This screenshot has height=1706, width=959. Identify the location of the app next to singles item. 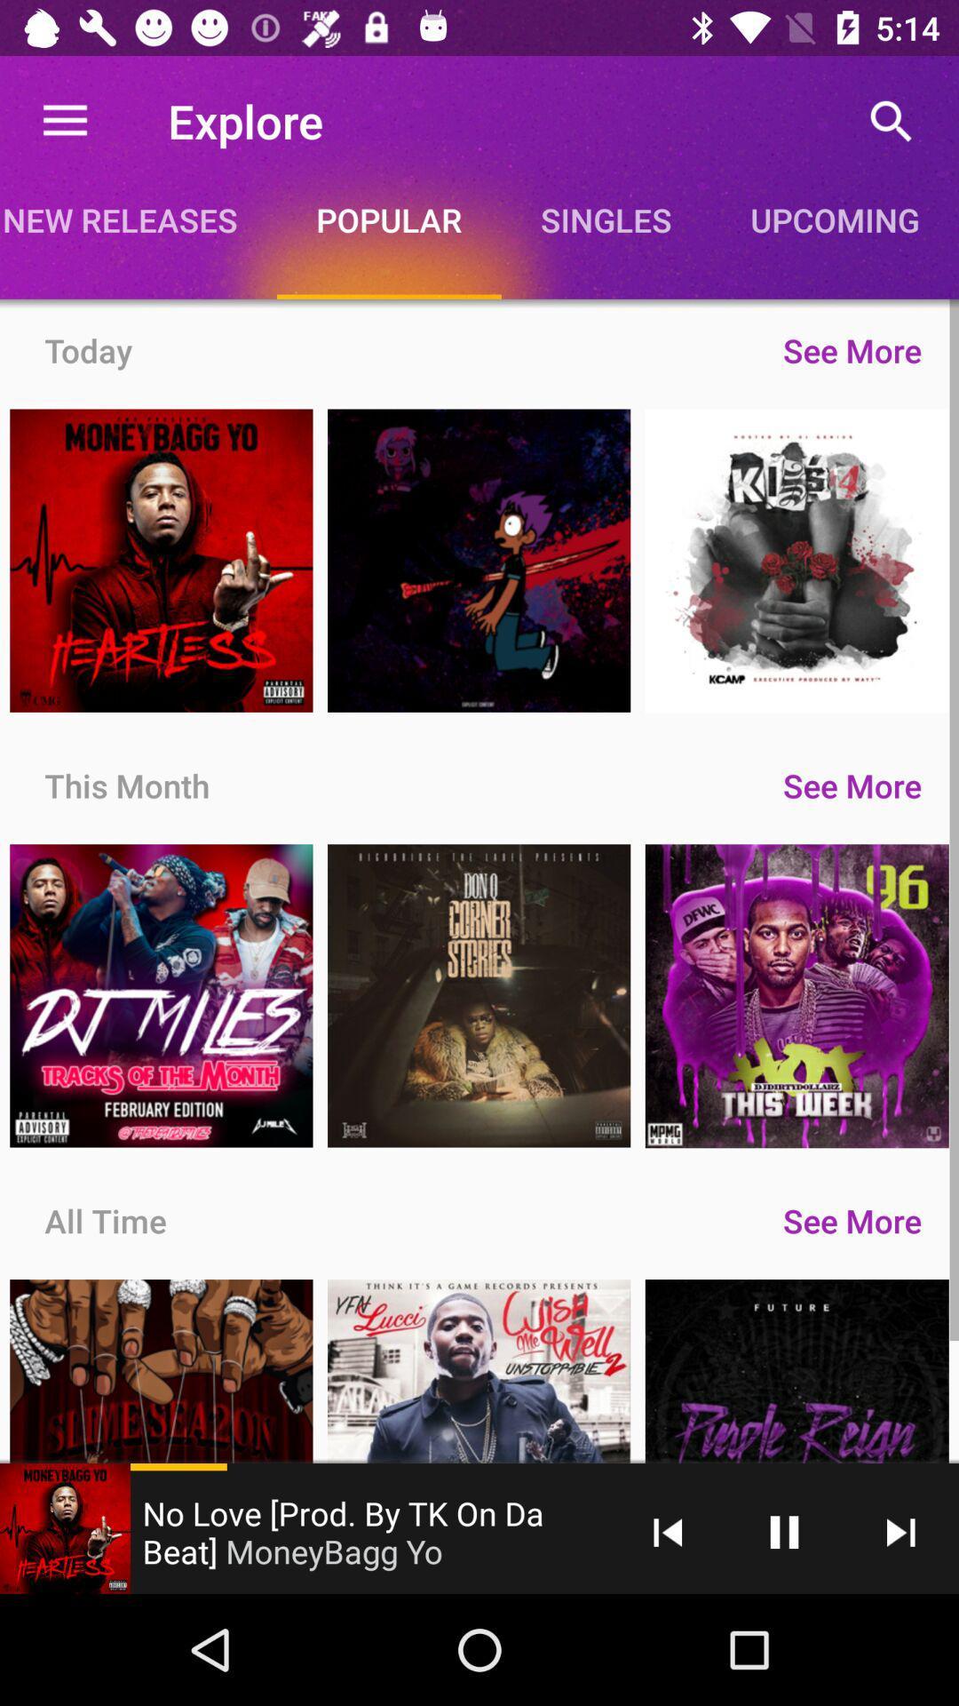
(388, 219).